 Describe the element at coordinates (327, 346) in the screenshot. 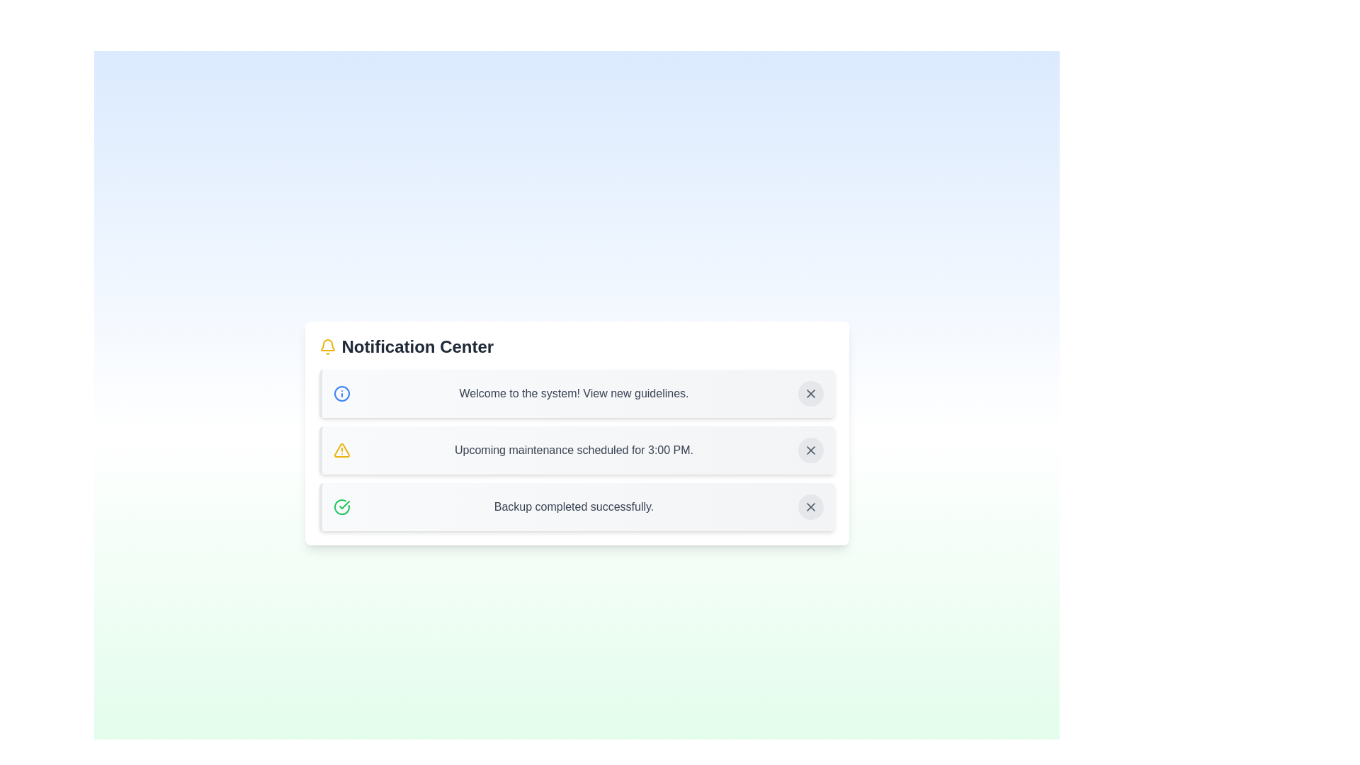

I see `the bell icon, which is a yellow notification symbol located at the leftmost position in the header of the 'Notification Center' section` at that location.